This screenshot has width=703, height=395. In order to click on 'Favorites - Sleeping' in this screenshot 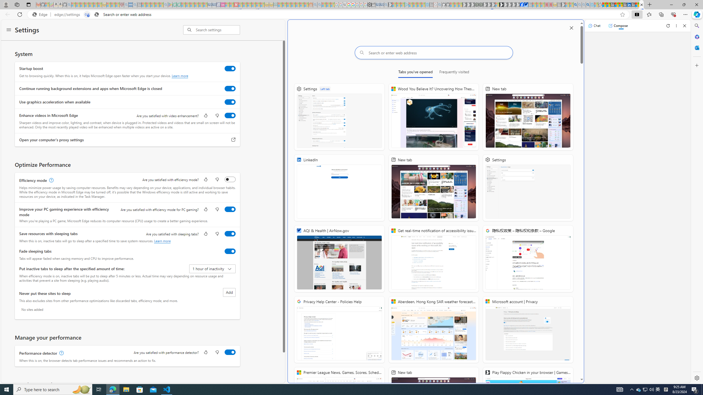, I will do `click(600, 4)`.